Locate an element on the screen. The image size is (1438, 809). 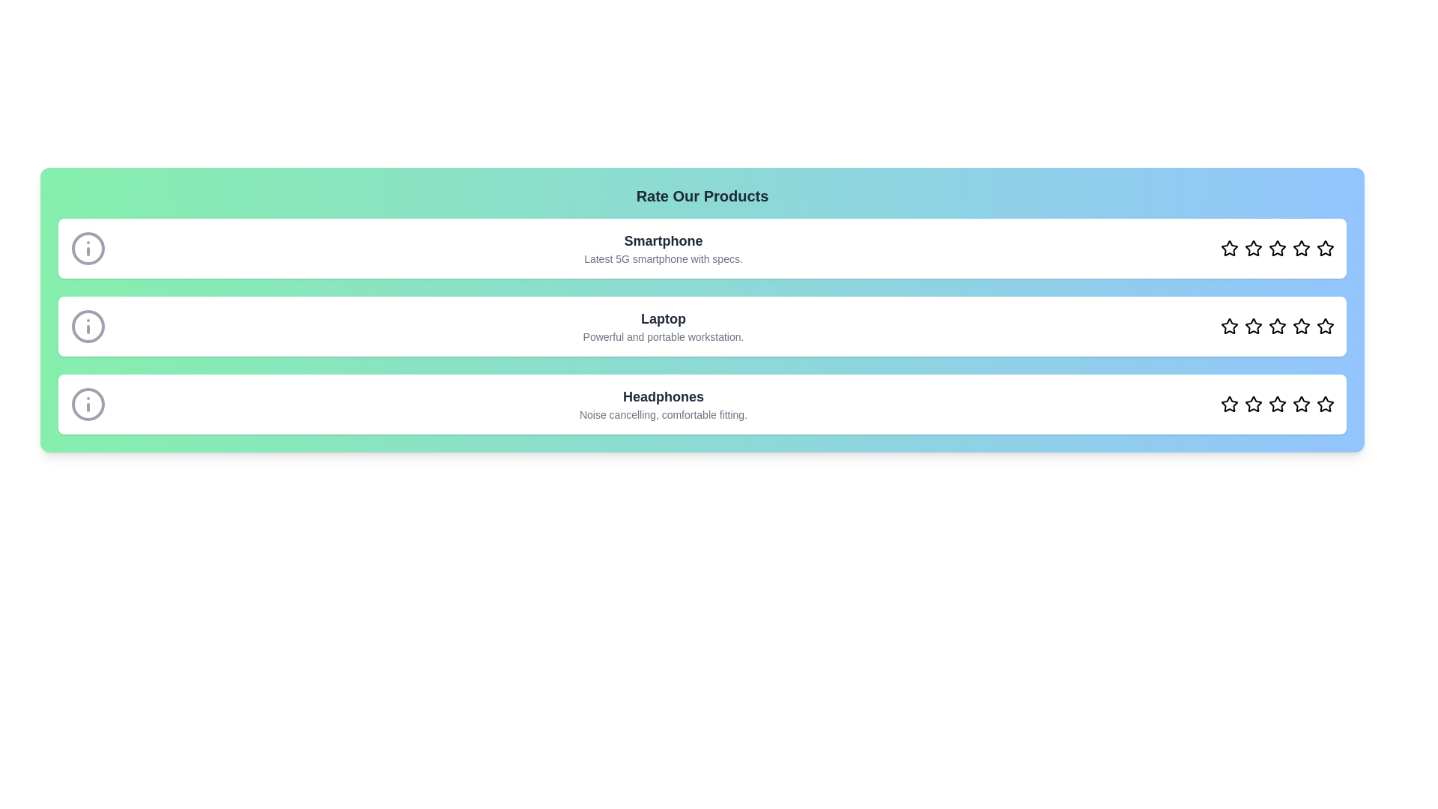
the second star-shaped rating icon in the rating widget for the 'Laptop' category is located at coordinates (1254, 325).